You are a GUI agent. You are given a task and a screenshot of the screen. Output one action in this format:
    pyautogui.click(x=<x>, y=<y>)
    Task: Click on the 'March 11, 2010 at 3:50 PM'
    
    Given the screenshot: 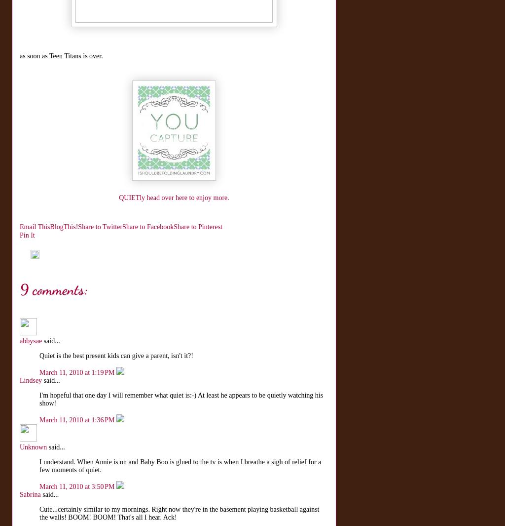 What is the action you would take?
    pyautogui.click(x=77, y=486)
    